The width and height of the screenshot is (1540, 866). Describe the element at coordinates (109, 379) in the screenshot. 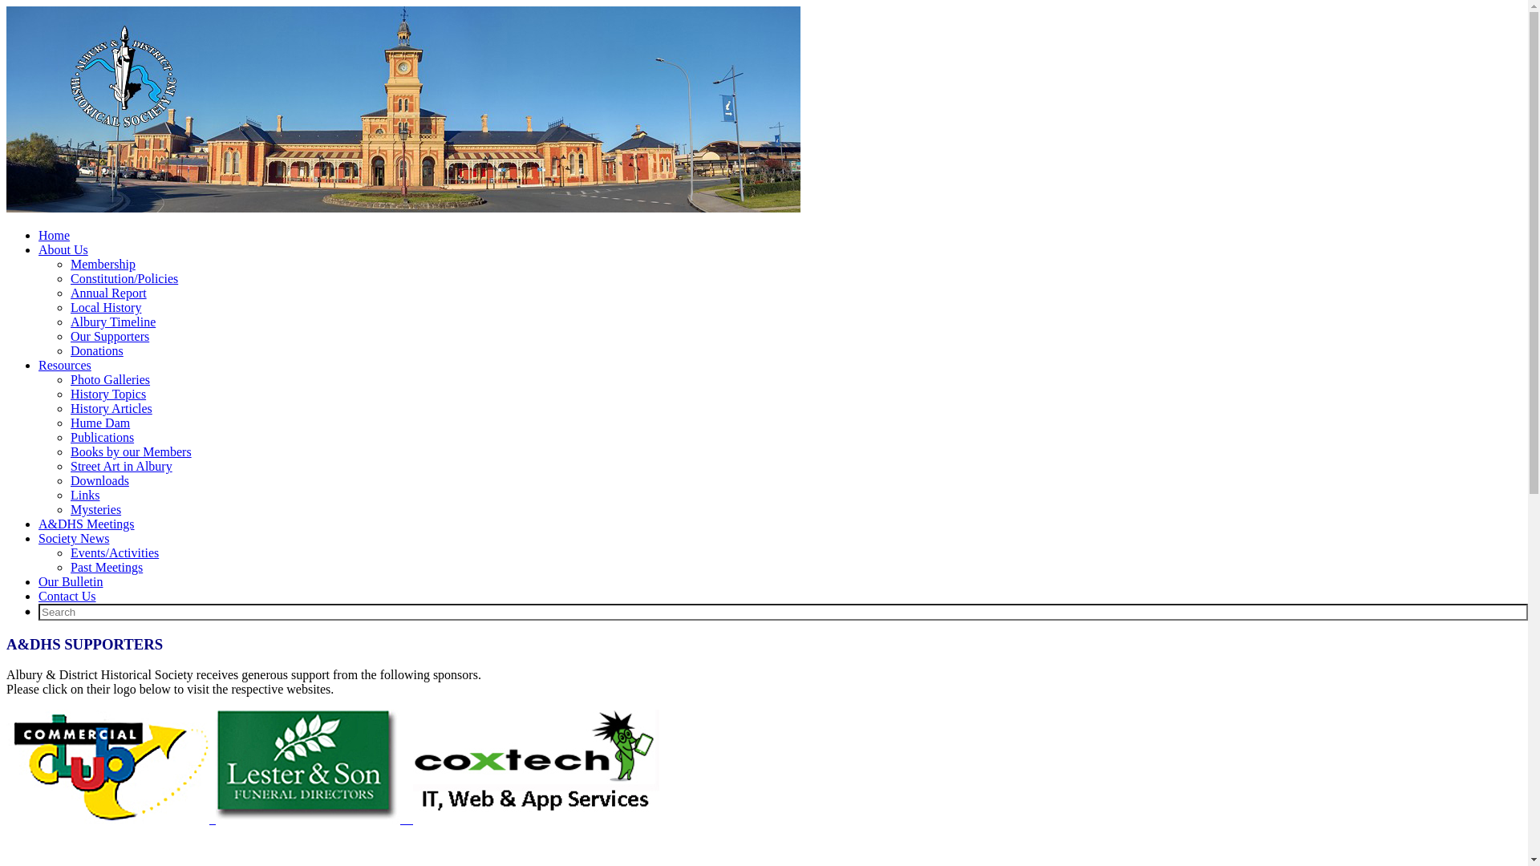

I see `'Photo Galleries'` at that location.